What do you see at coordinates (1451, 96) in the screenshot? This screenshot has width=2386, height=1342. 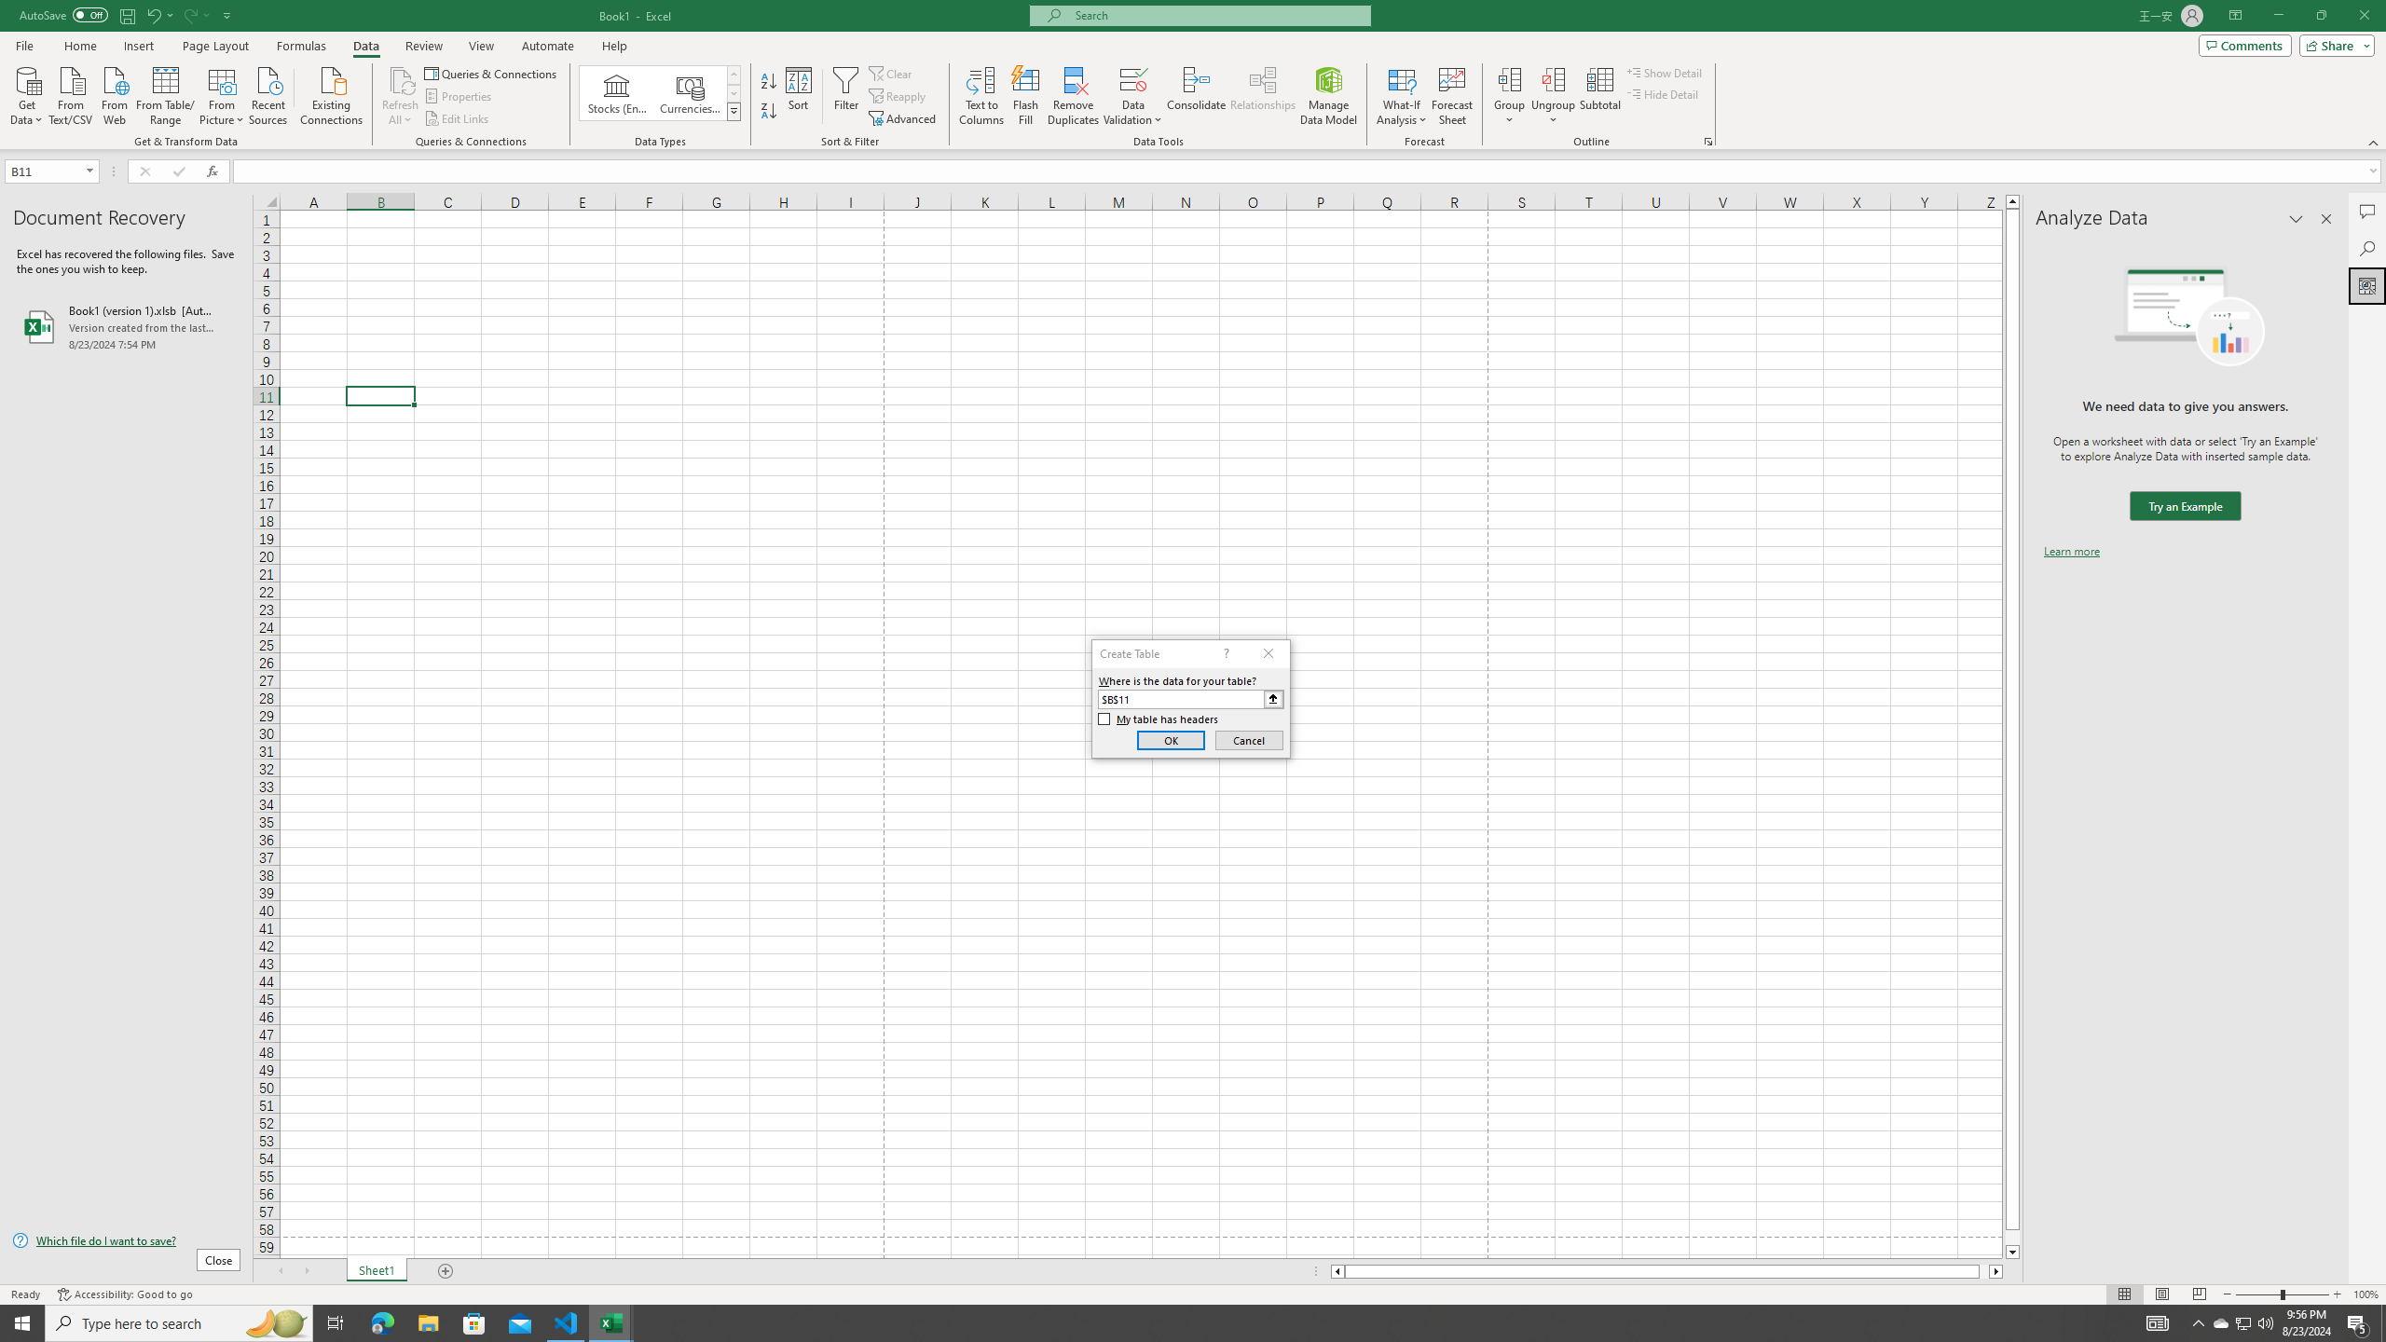 I see `'Forecast Sheet'` at bounding box center [1451, 96].